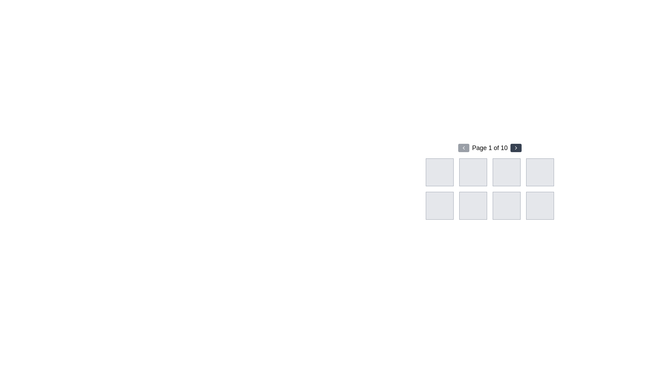  What do you see at coordinates (516, 147) in the screenshot?
I see `the dark gray button with white text and a rightward chevron icon` at bounding box center [516, 147].